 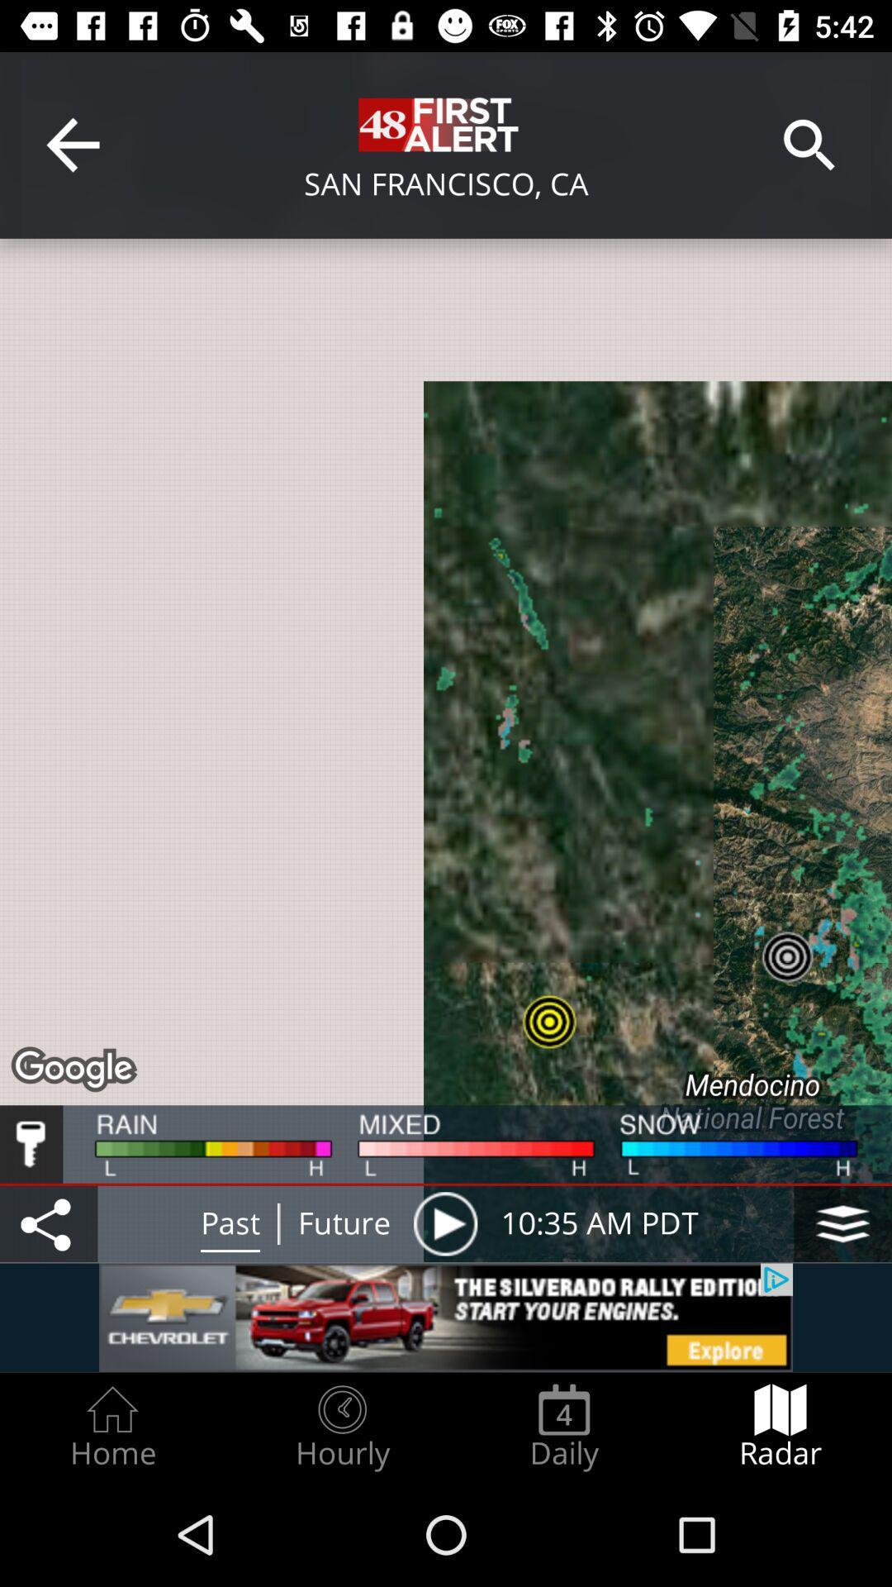 I want to click on the item to the right of home item, so click(x=341, y=1427).